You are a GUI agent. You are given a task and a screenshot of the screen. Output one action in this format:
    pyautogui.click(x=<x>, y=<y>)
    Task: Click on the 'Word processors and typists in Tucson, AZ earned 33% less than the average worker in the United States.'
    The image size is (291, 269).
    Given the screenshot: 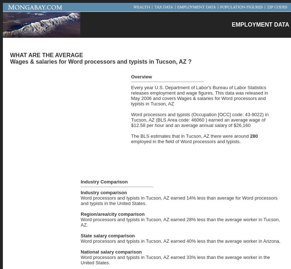 What is the action you would take?
    pyautogui.click(x=175, y=259)
    